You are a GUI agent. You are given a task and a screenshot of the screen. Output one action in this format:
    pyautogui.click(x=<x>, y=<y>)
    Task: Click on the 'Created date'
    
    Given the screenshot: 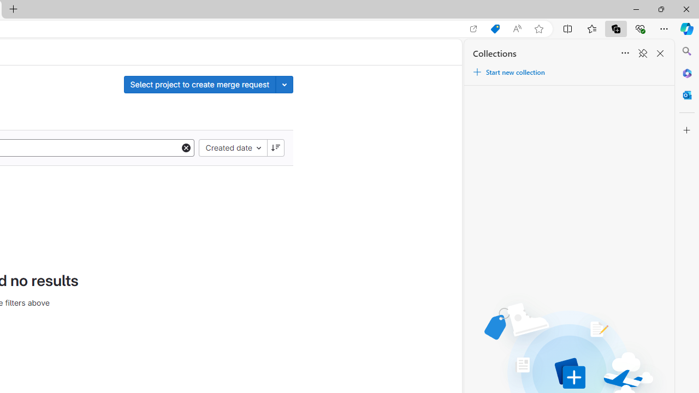 What is the action you would take?
    pyautogui.click(x=232, y=147)
    